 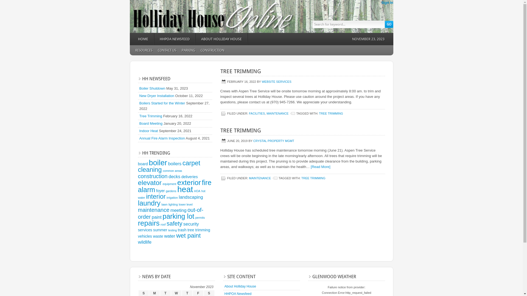 What do you see at coordinates (169, 184) in the screenshot?
I see `'equipment'` at bounding box center [169, 184].